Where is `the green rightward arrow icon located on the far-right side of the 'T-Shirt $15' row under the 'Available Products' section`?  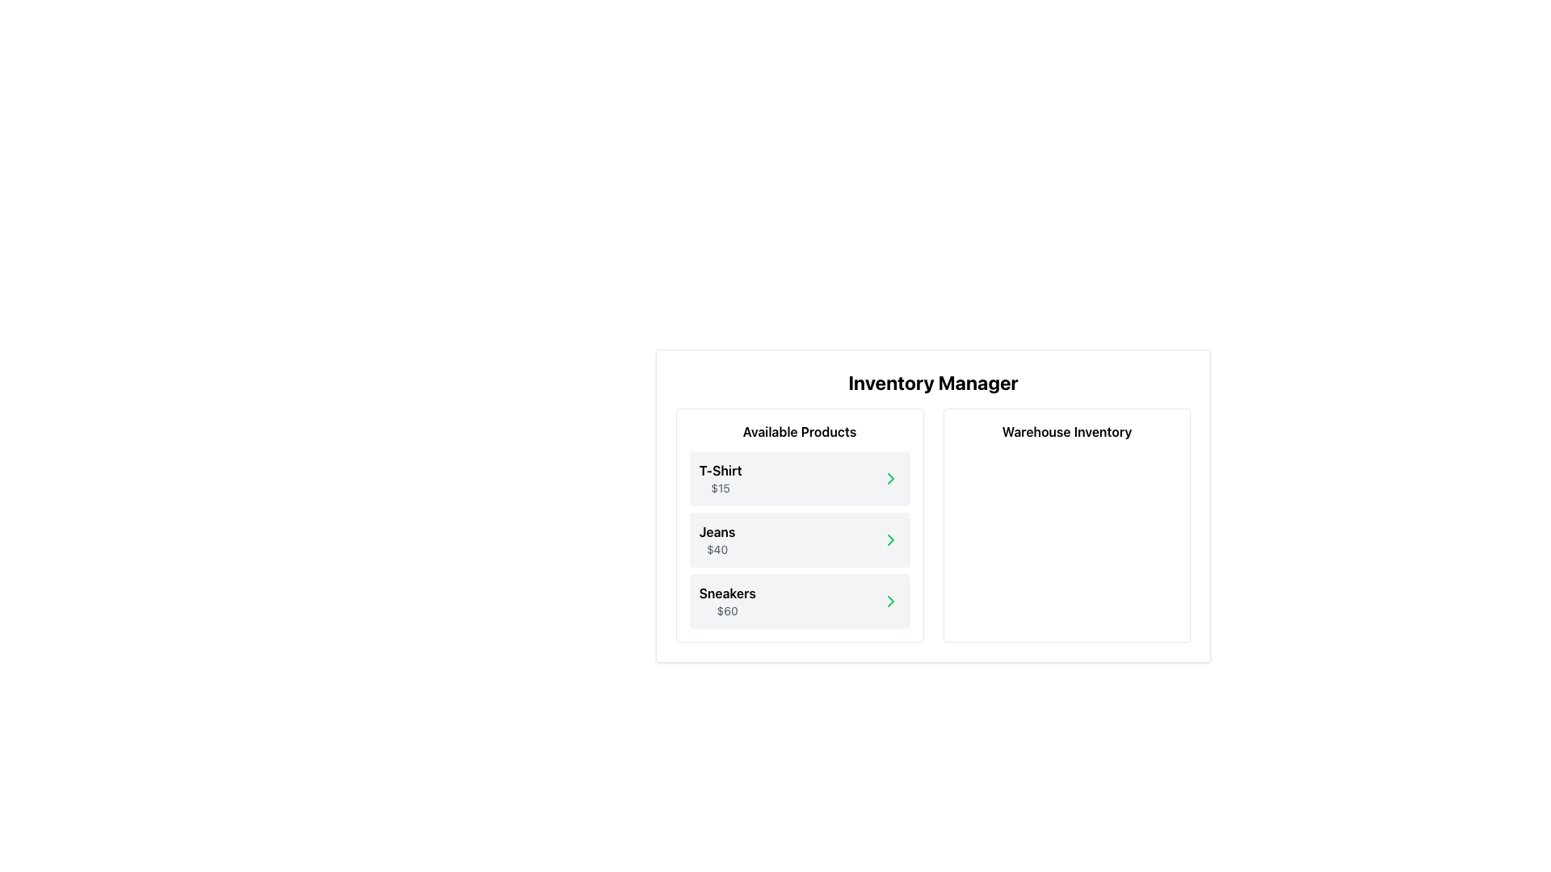
the green rightward arrow icon located on the far-right side of the 'T-Shirt $15' row under the 'Available Products' section is located at coordinates (889, 478).